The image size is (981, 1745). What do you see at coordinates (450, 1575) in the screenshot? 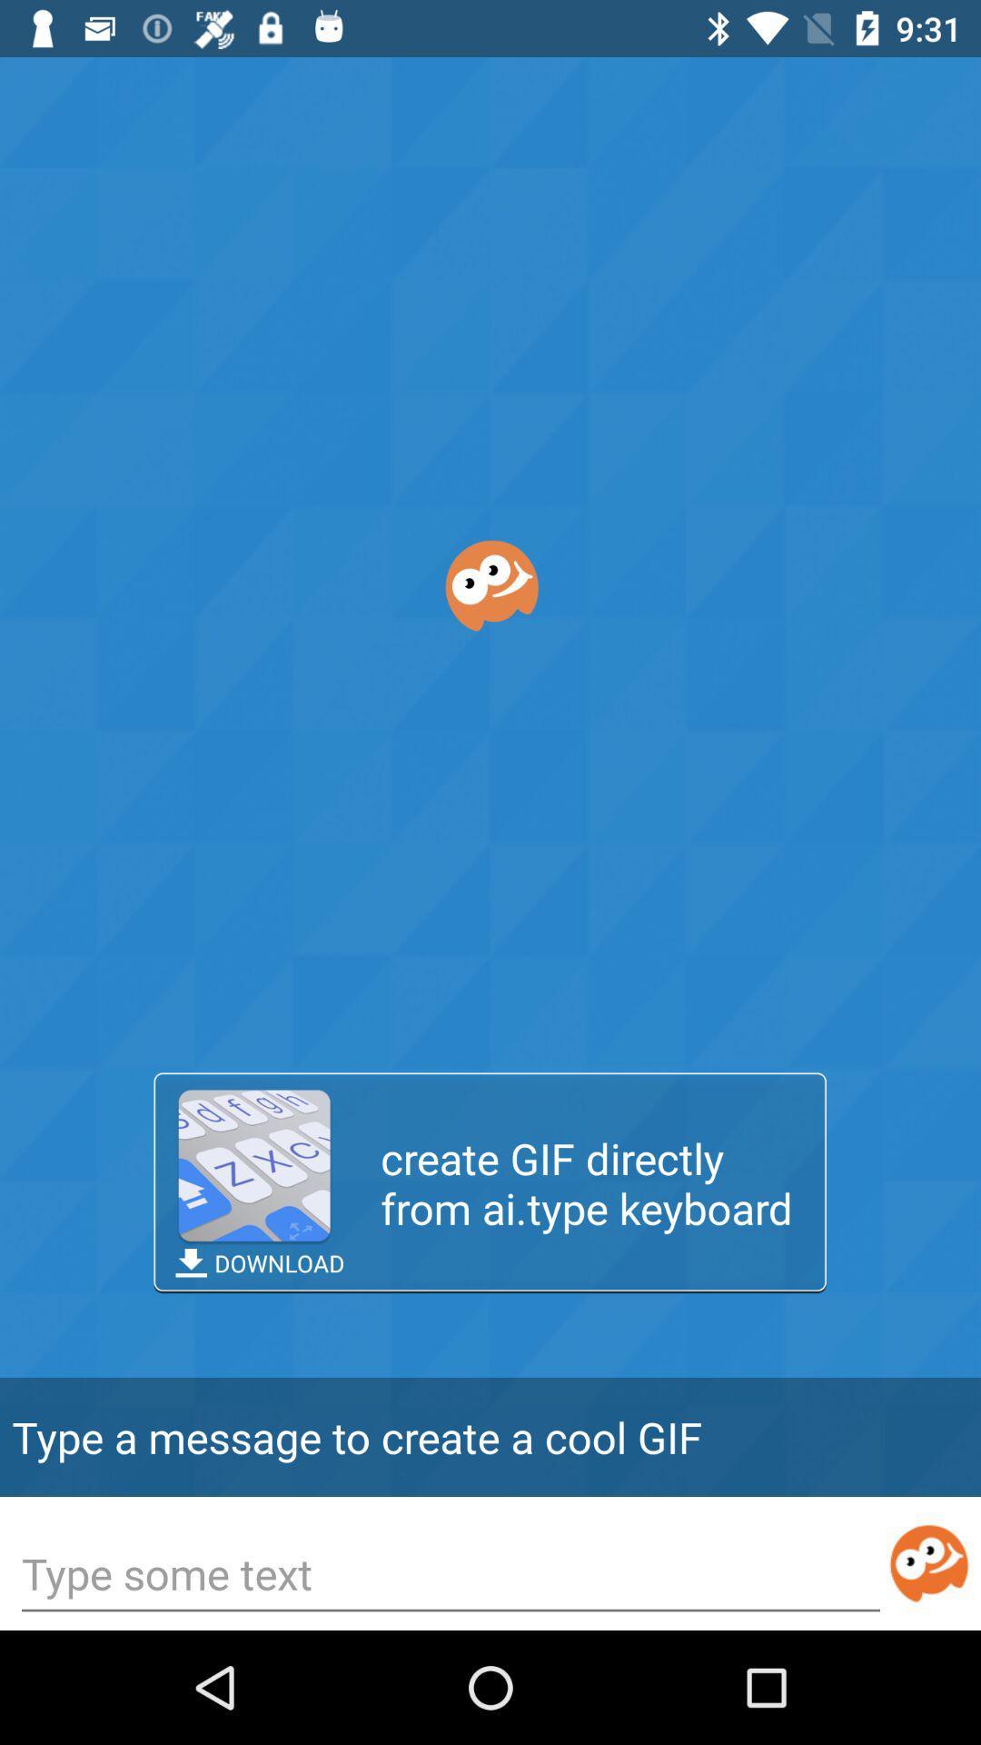
I see `text` at bounding box center [450, 1575].